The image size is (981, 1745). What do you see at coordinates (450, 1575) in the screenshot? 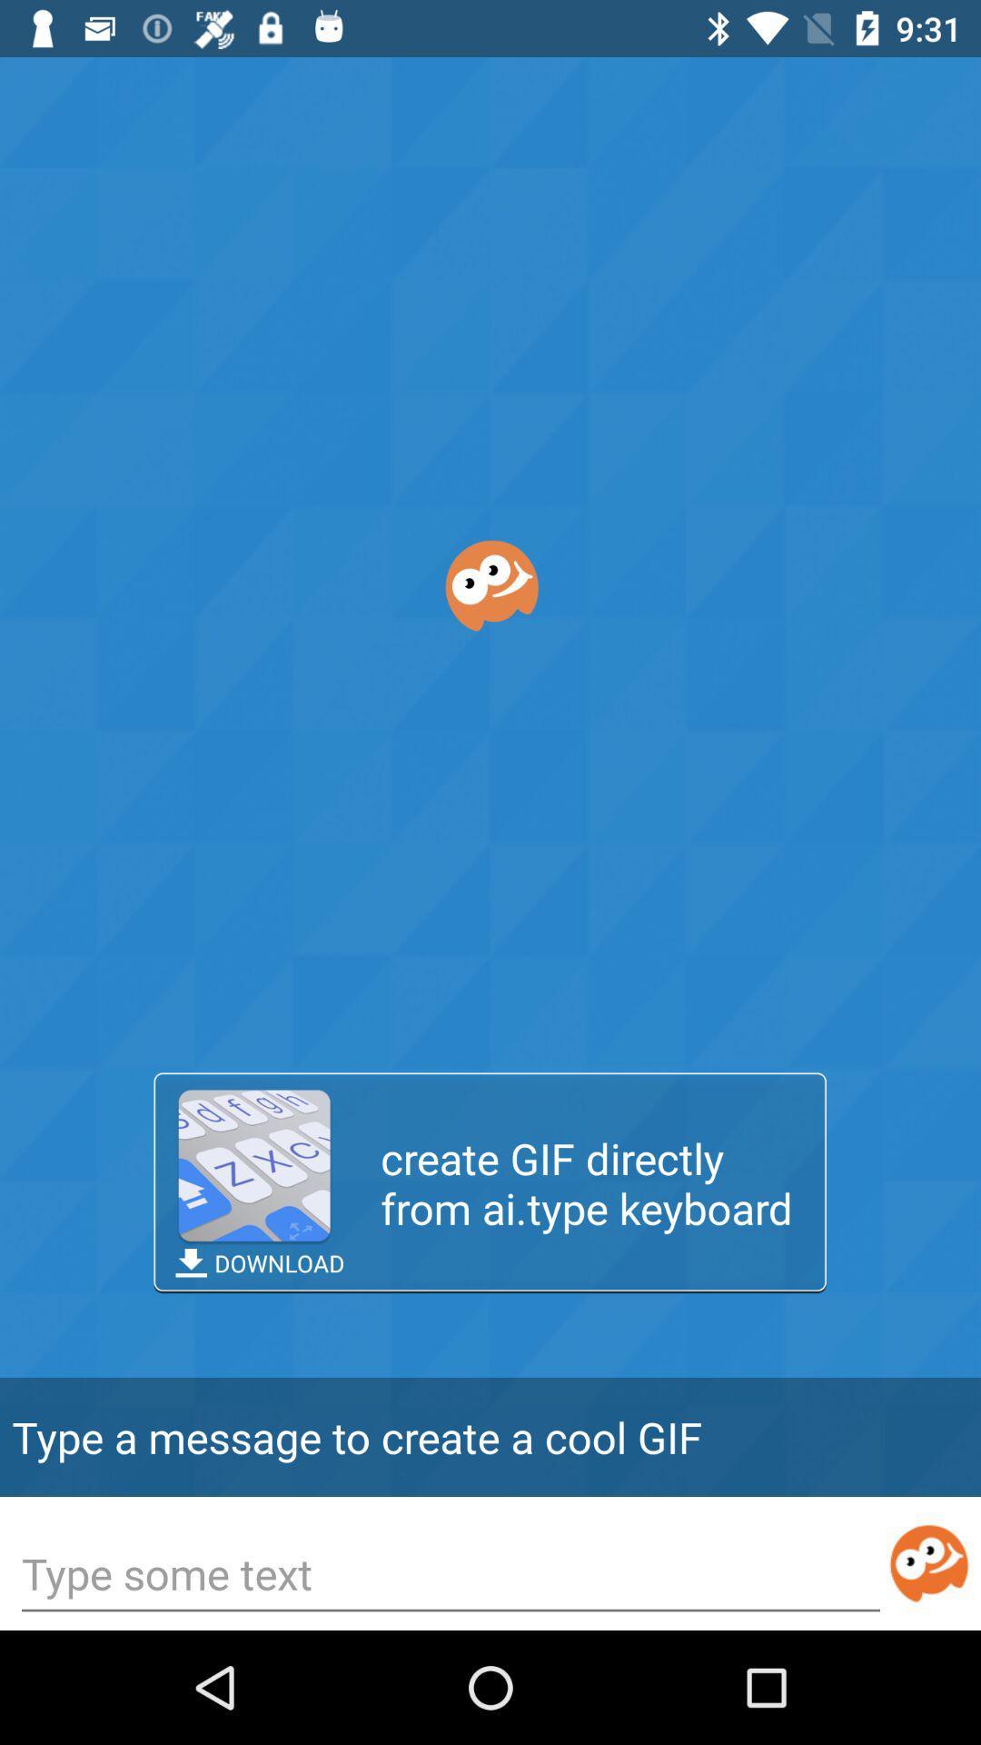
I see `text` at bounding box center [450, 1575].